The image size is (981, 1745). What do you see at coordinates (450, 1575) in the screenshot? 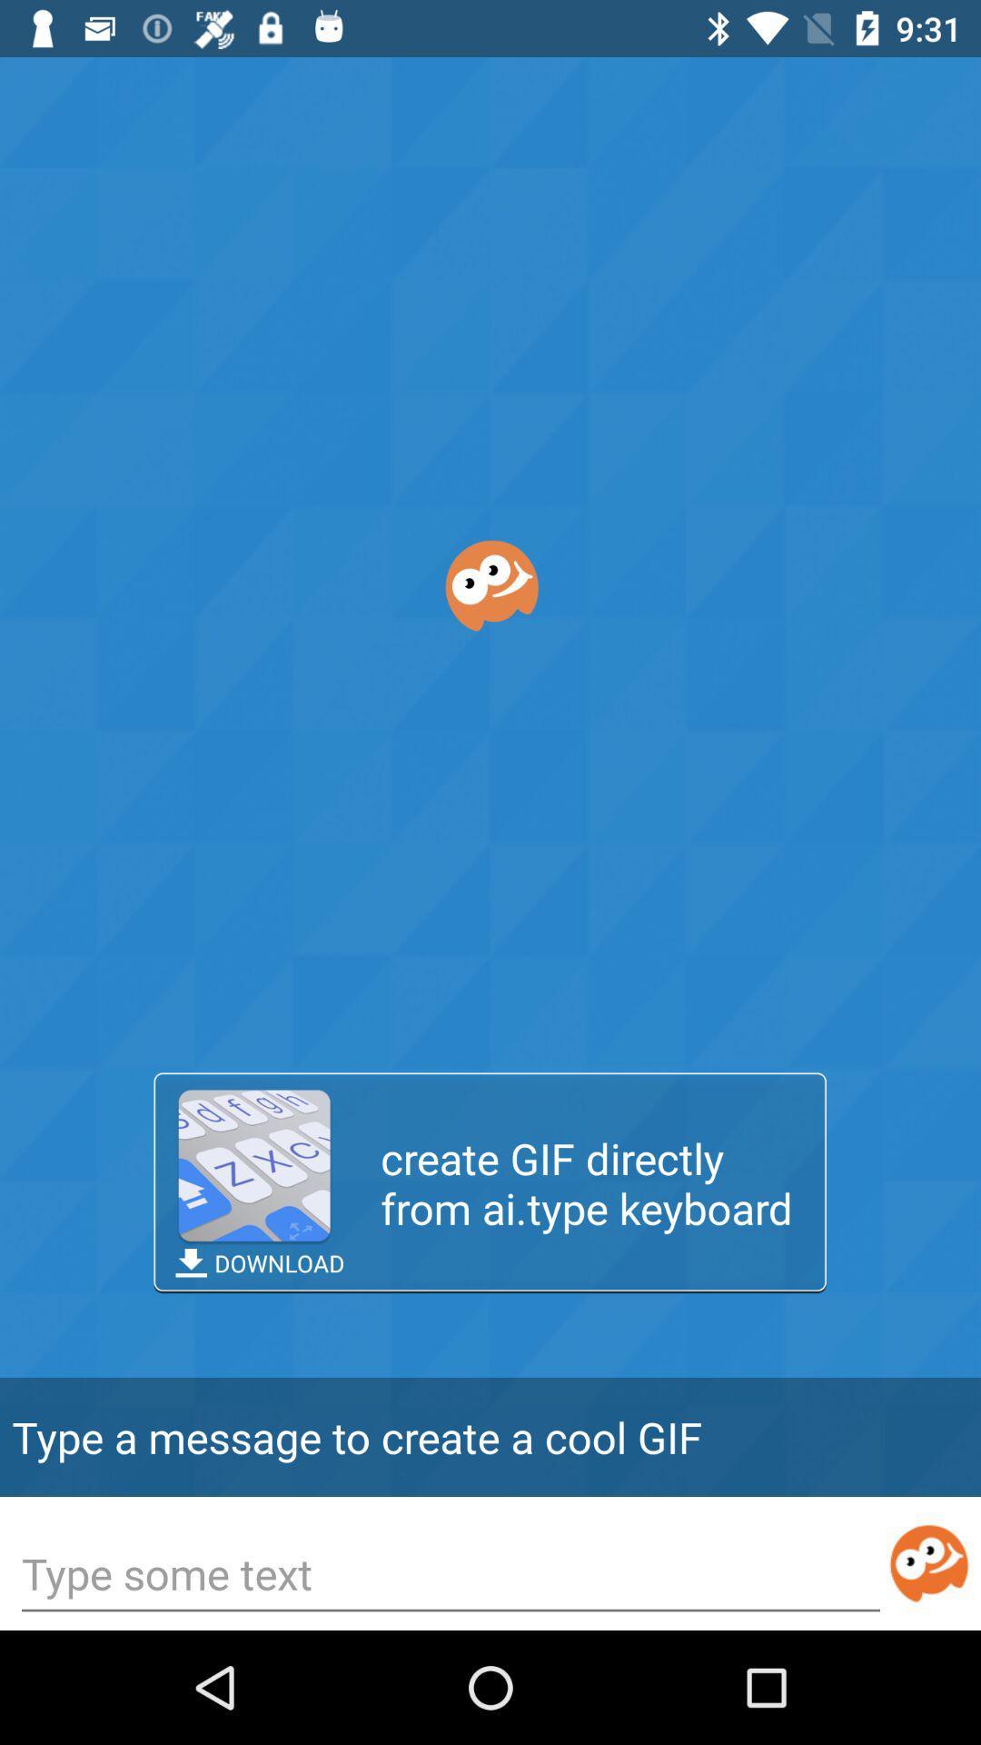
I see `text` at bounding box center [450, 1575].